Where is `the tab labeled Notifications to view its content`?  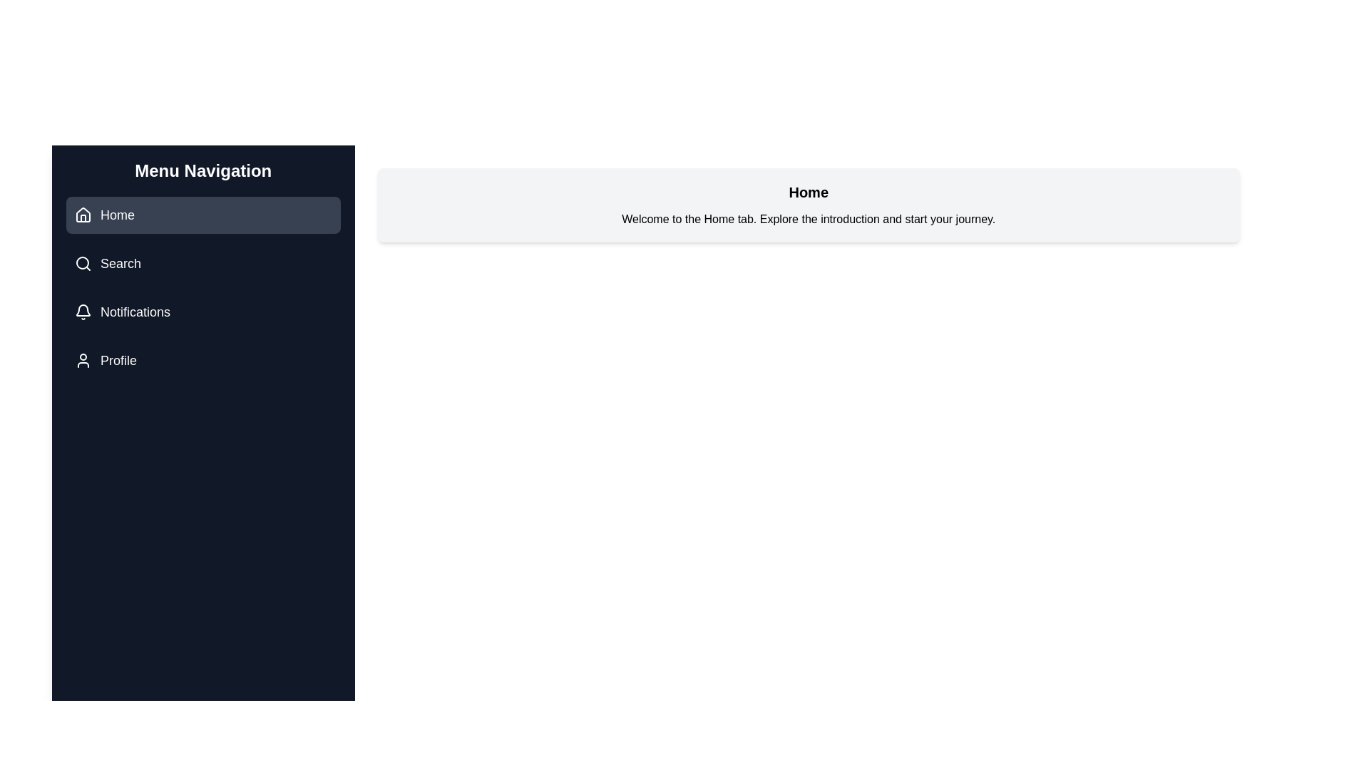 the tab labeled Notifications to view its content is located at coordinates (202, 312).